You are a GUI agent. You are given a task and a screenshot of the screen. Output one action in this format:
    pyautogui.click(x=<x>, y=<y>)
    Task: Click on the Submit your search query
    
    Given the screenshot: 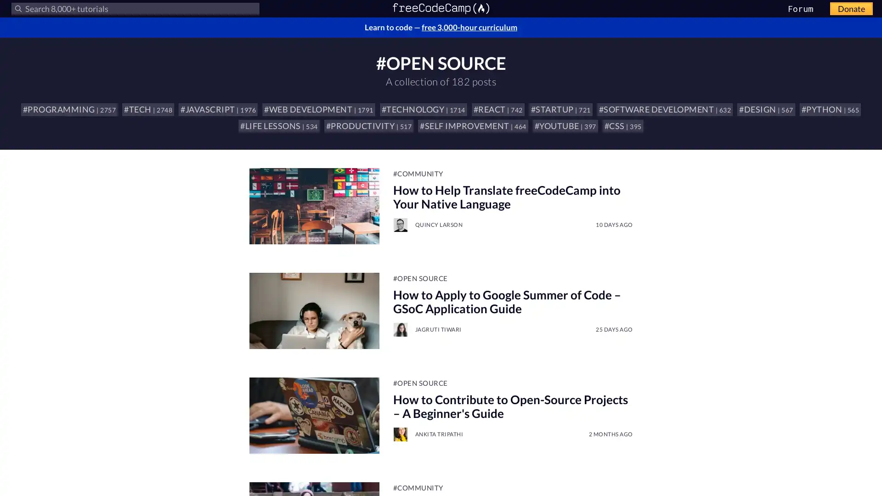 What is the action you would take?
    pyautogui.click(x=18, y=9)
    